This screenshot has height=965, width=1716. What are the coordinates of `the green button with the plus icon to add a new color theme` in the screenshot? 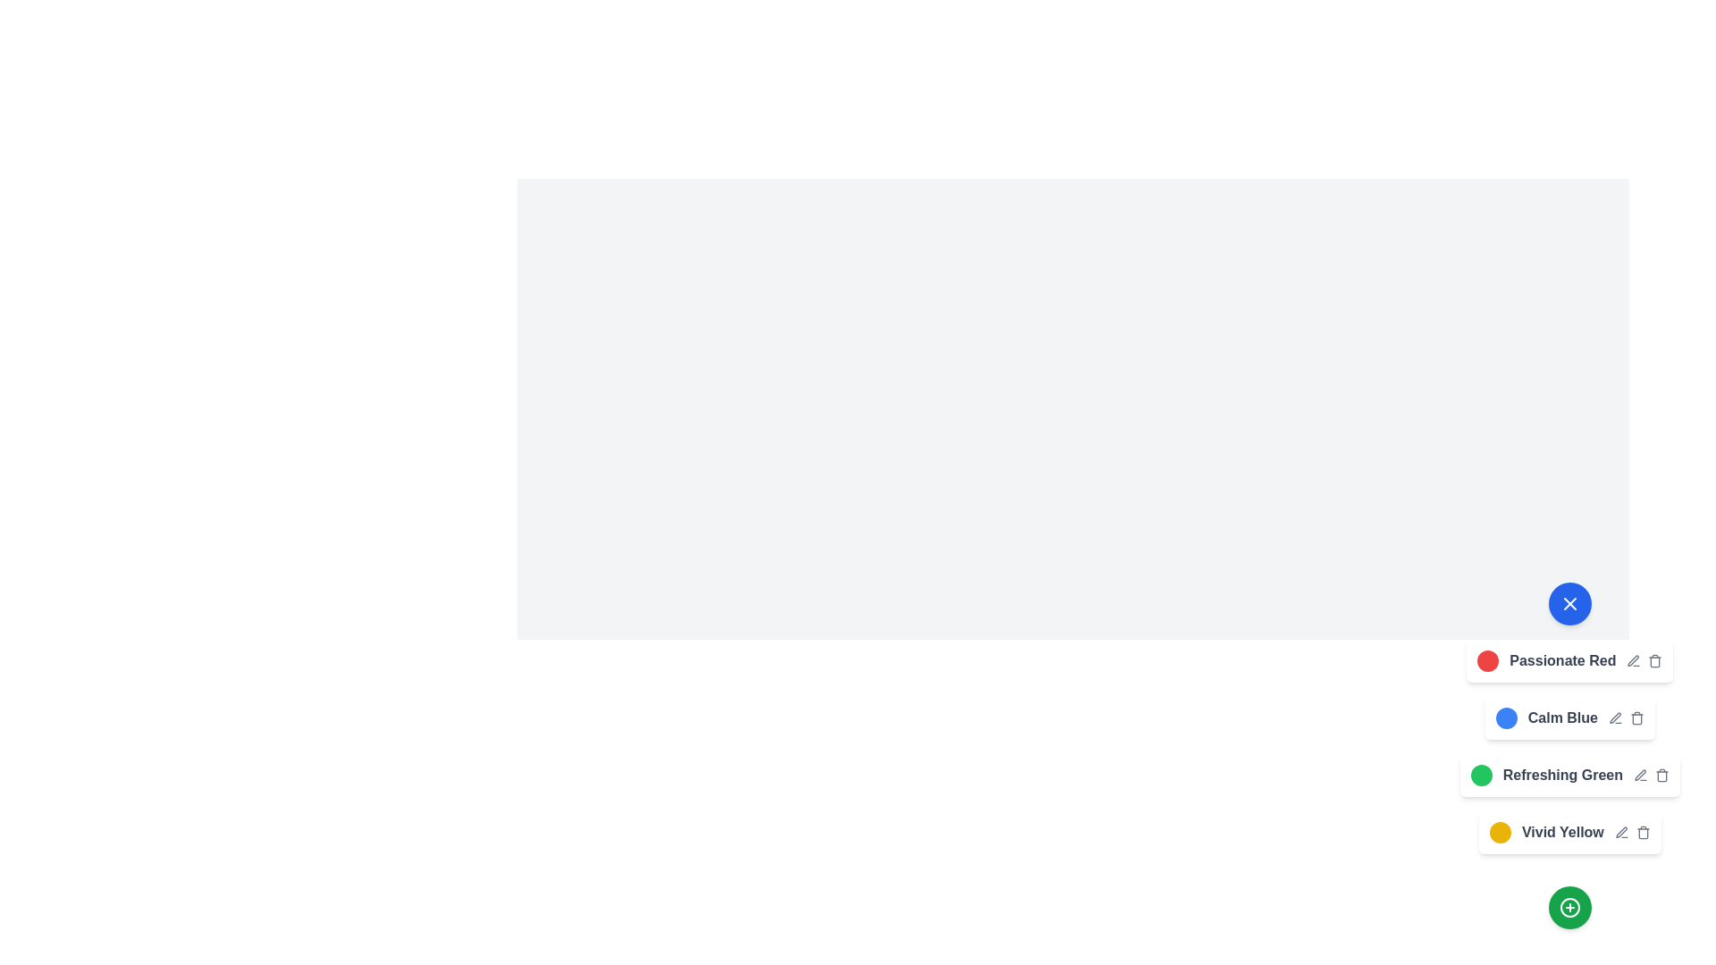 It's located at (1569, 907).